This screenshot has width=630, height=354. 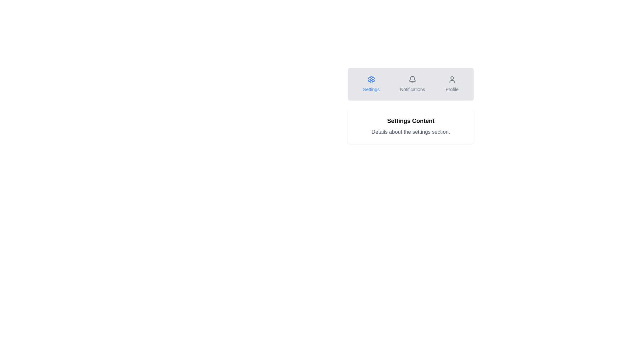 I want to click on the 'Settings' button, which features a blue gear icon above the text, located on the leftmost side of a horizontally-aligned group of buttons, so click(x=371, y=84).